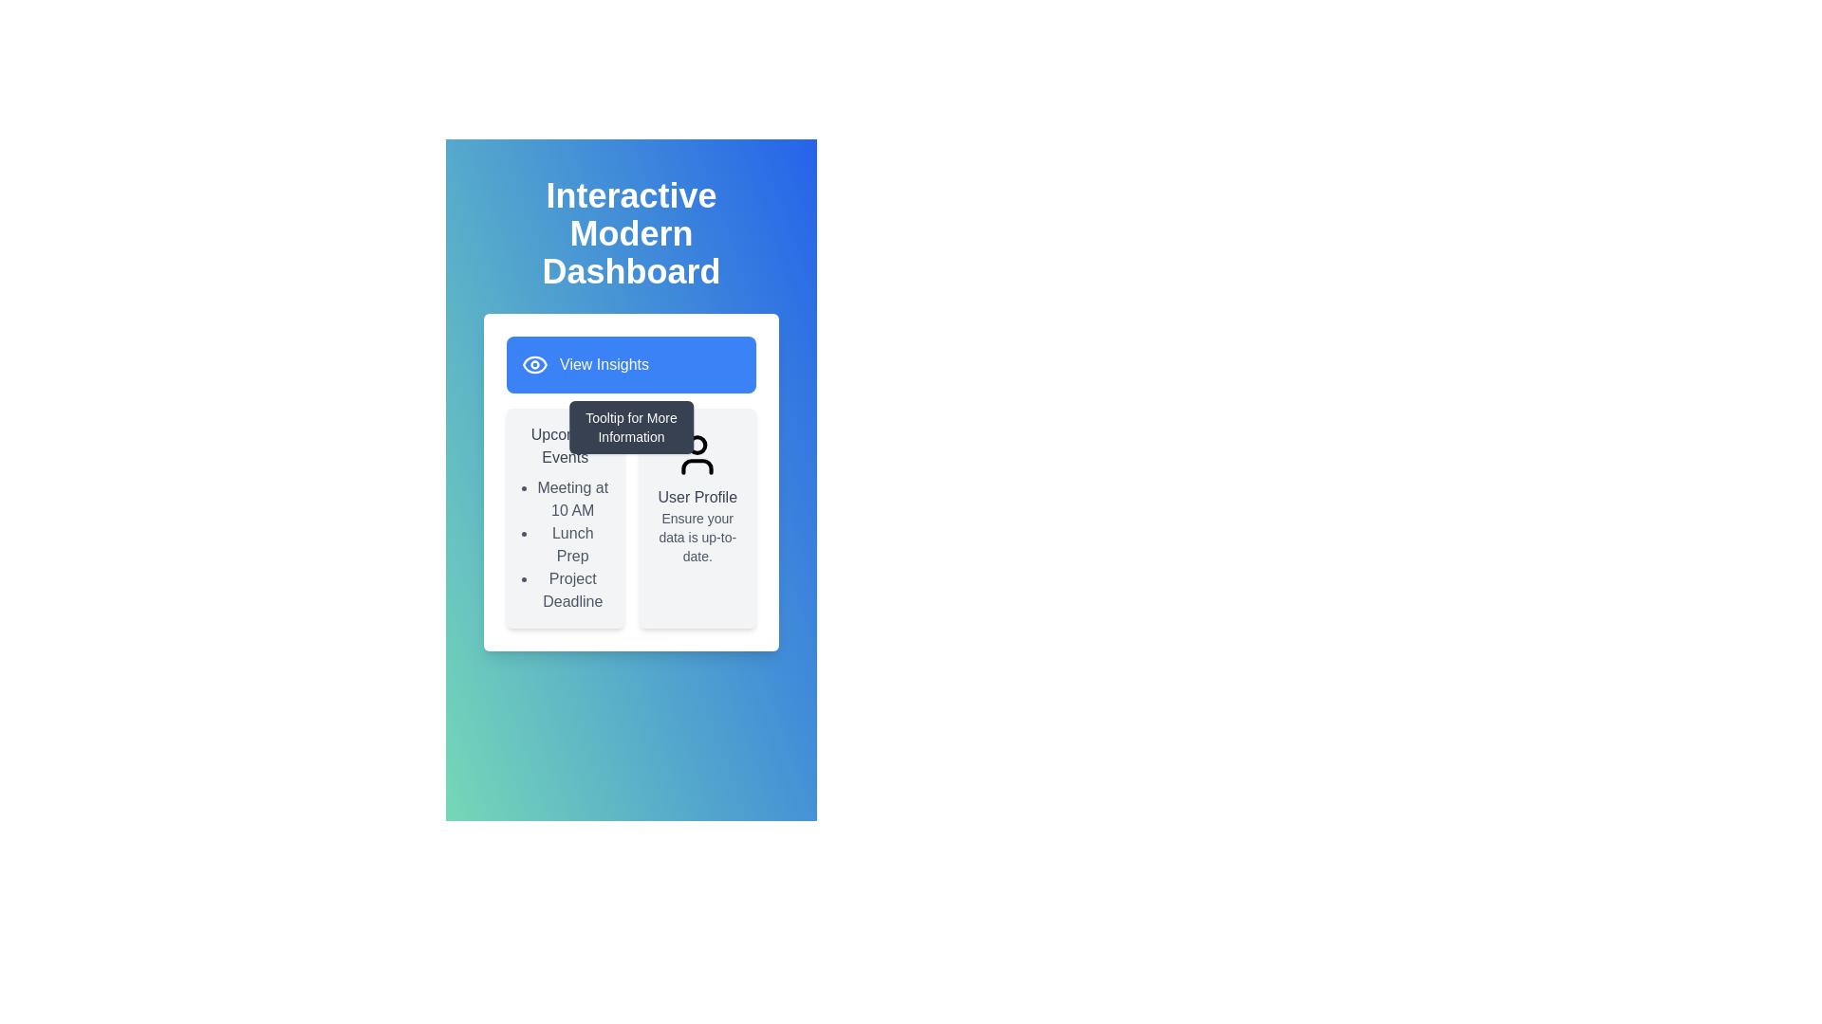  What do you see at coordinates (631, 428) in the screenshot?
I see `the Tooltip that provides additional descriptive information about the 'View Insights' button, even though it is not interactive` at bounding box center [631, 428].